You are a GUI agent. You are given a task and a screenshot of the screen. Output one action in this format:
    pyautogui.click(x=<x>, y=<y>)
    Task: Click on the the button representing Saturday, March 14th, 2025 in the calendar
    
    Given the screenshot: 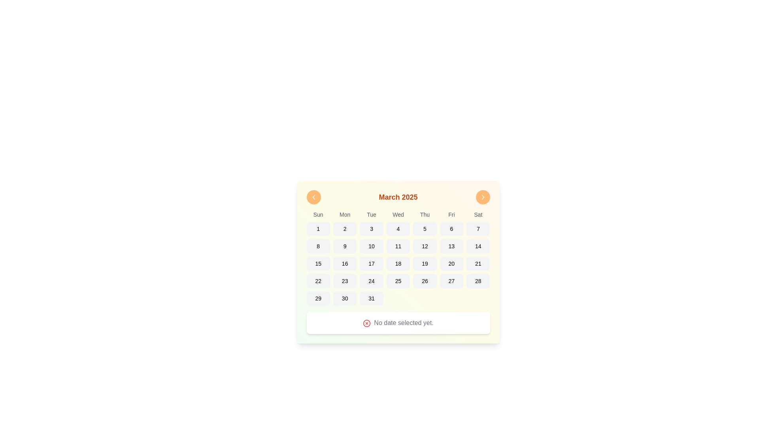 What is the action you would take?
    pyautogui.click(x=478, y=246)
    